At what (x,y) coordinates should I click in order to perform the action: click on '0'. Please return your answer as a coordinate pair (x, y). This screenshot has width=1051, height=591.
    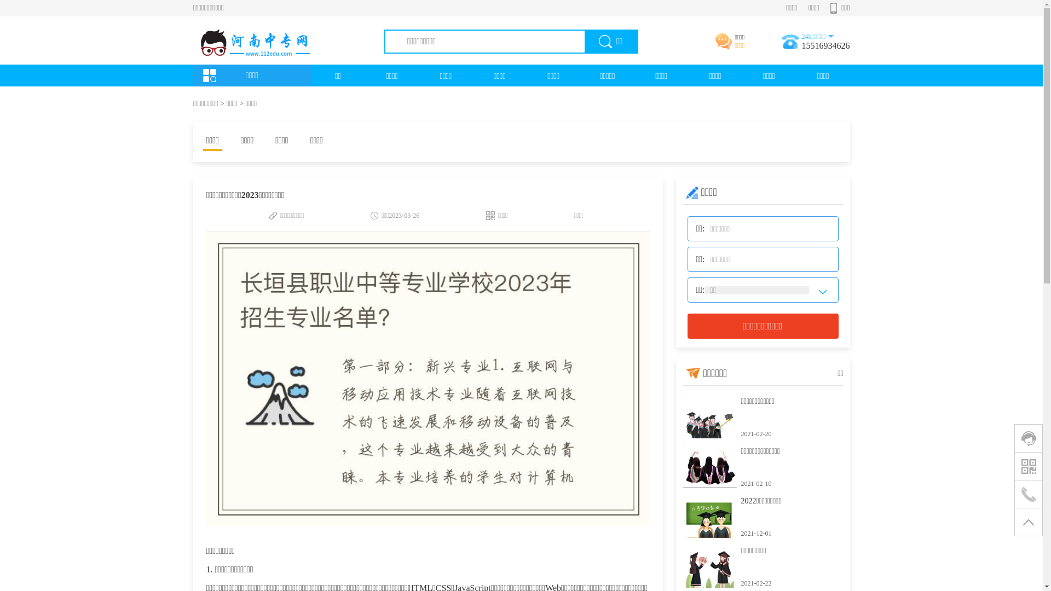
    Looking at the image, I should click on (1027, 437).